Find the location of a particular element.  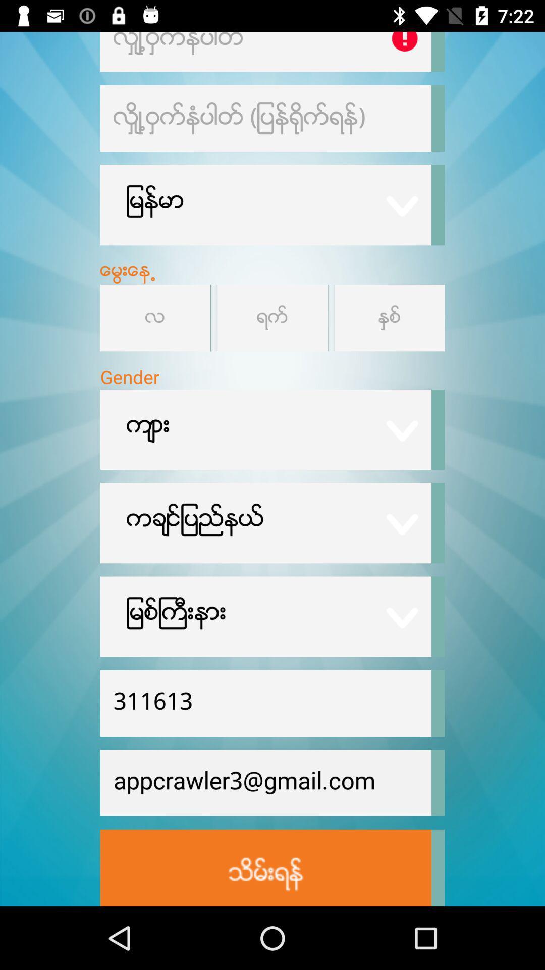

entry field is located at coordinates (265, 51).